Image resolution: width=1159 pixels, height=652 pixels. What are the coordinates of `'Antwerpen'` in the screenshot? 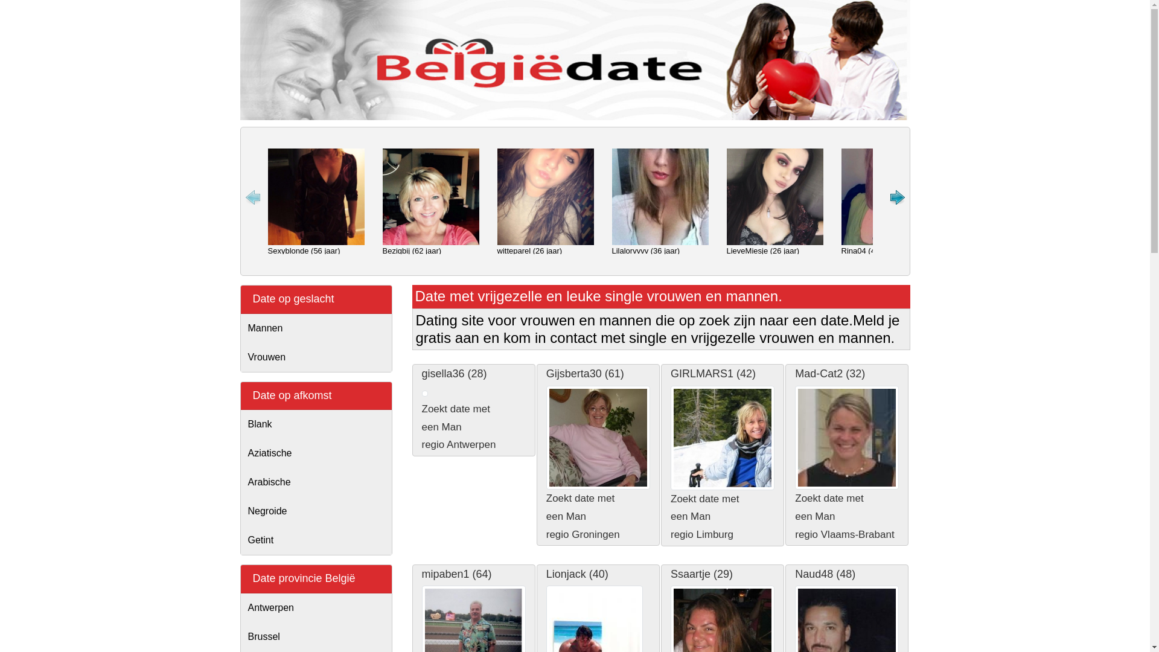 It's located at (316, 607).